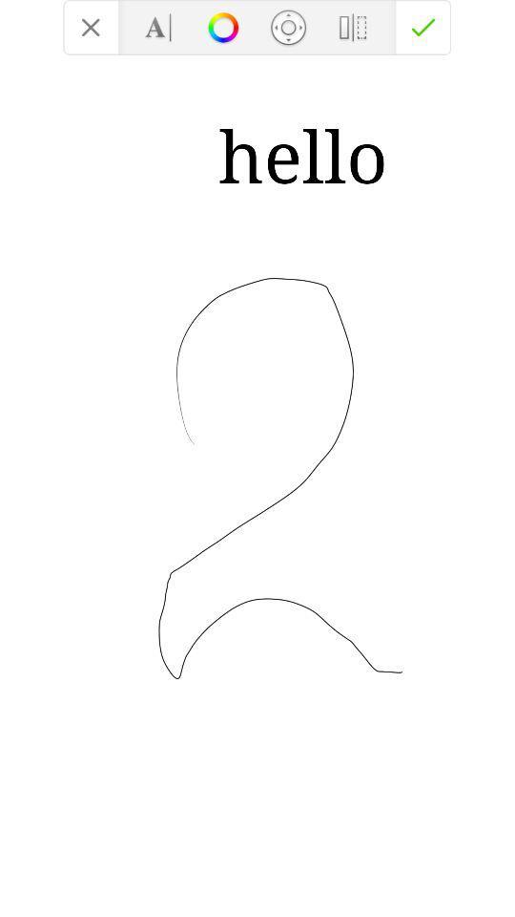 The image size is (515, 917). What do you see at coordinates (287, 26) in the screenshot?
I see `the location_crosshair icon` at bounding box center [287, 26].